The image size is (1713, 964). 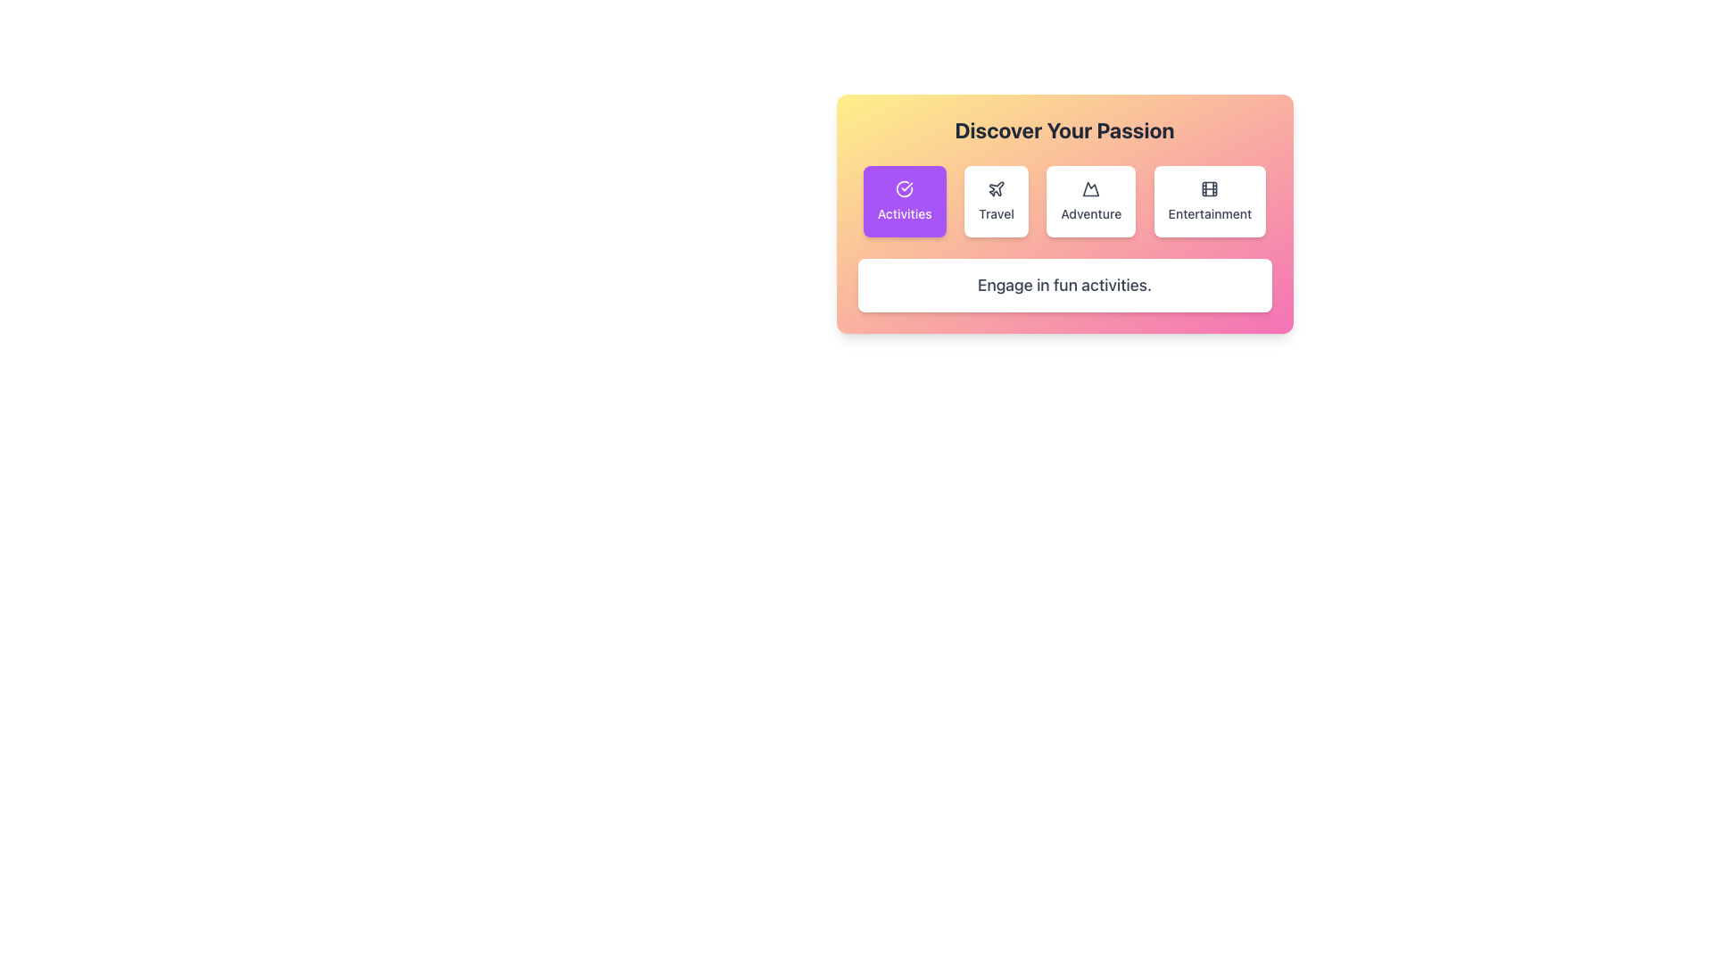 What do you see at coordinates (905, 189) in the screenshot?
I see `the circular icon within the purple button labeled 'Activities', which features a hollow circle, a partial arc, and a checkmark` at bounding box center [905, 189].